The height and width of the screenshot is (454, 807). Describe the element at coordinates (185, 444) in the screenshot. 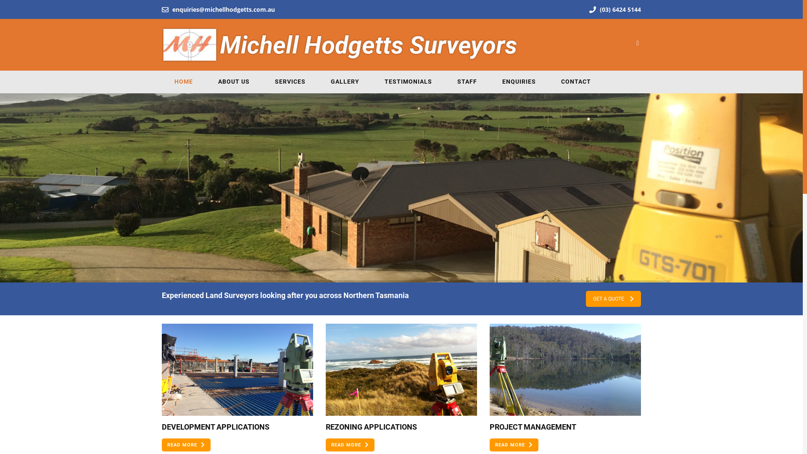

I see `'READ MORE'` at that location.